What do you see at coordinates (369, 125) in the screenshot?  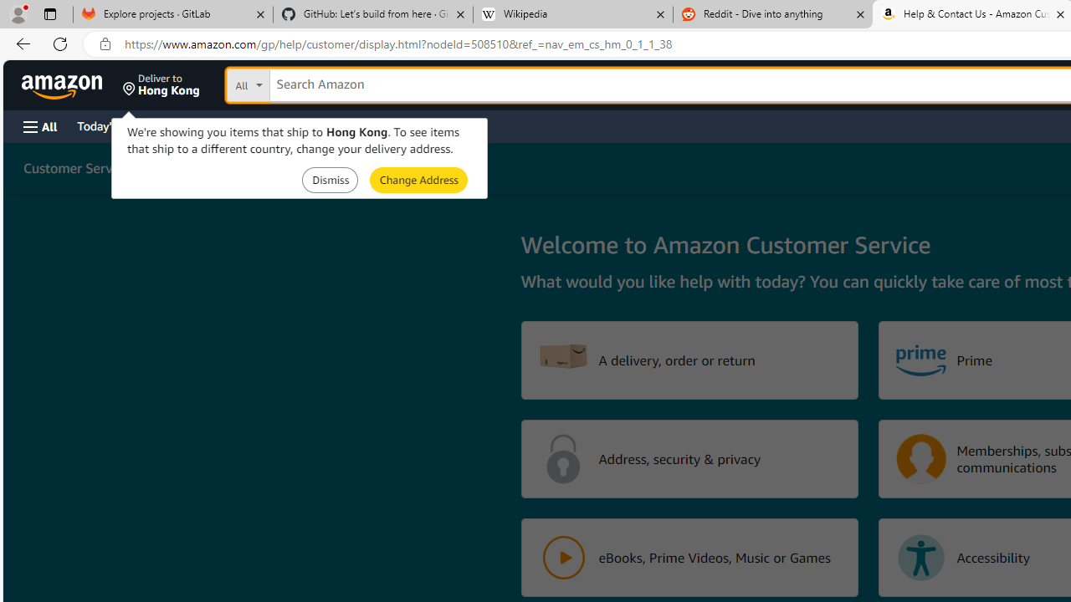 I see `'Gift Cards'` at bounding box center [369, 125].